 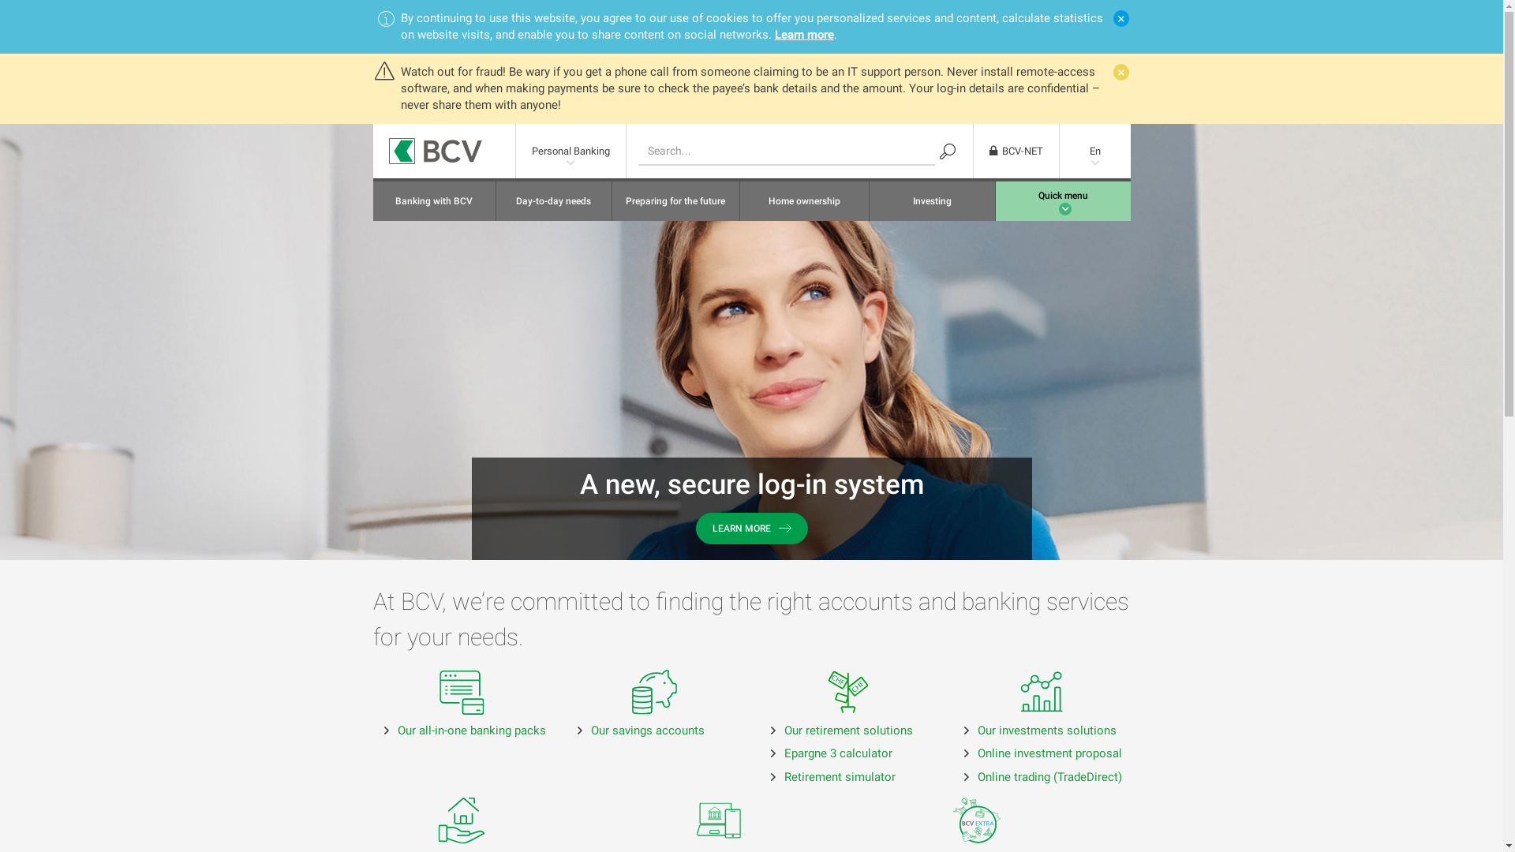 I want to click on 'LEARN MORE', so click(x=751, y=529).